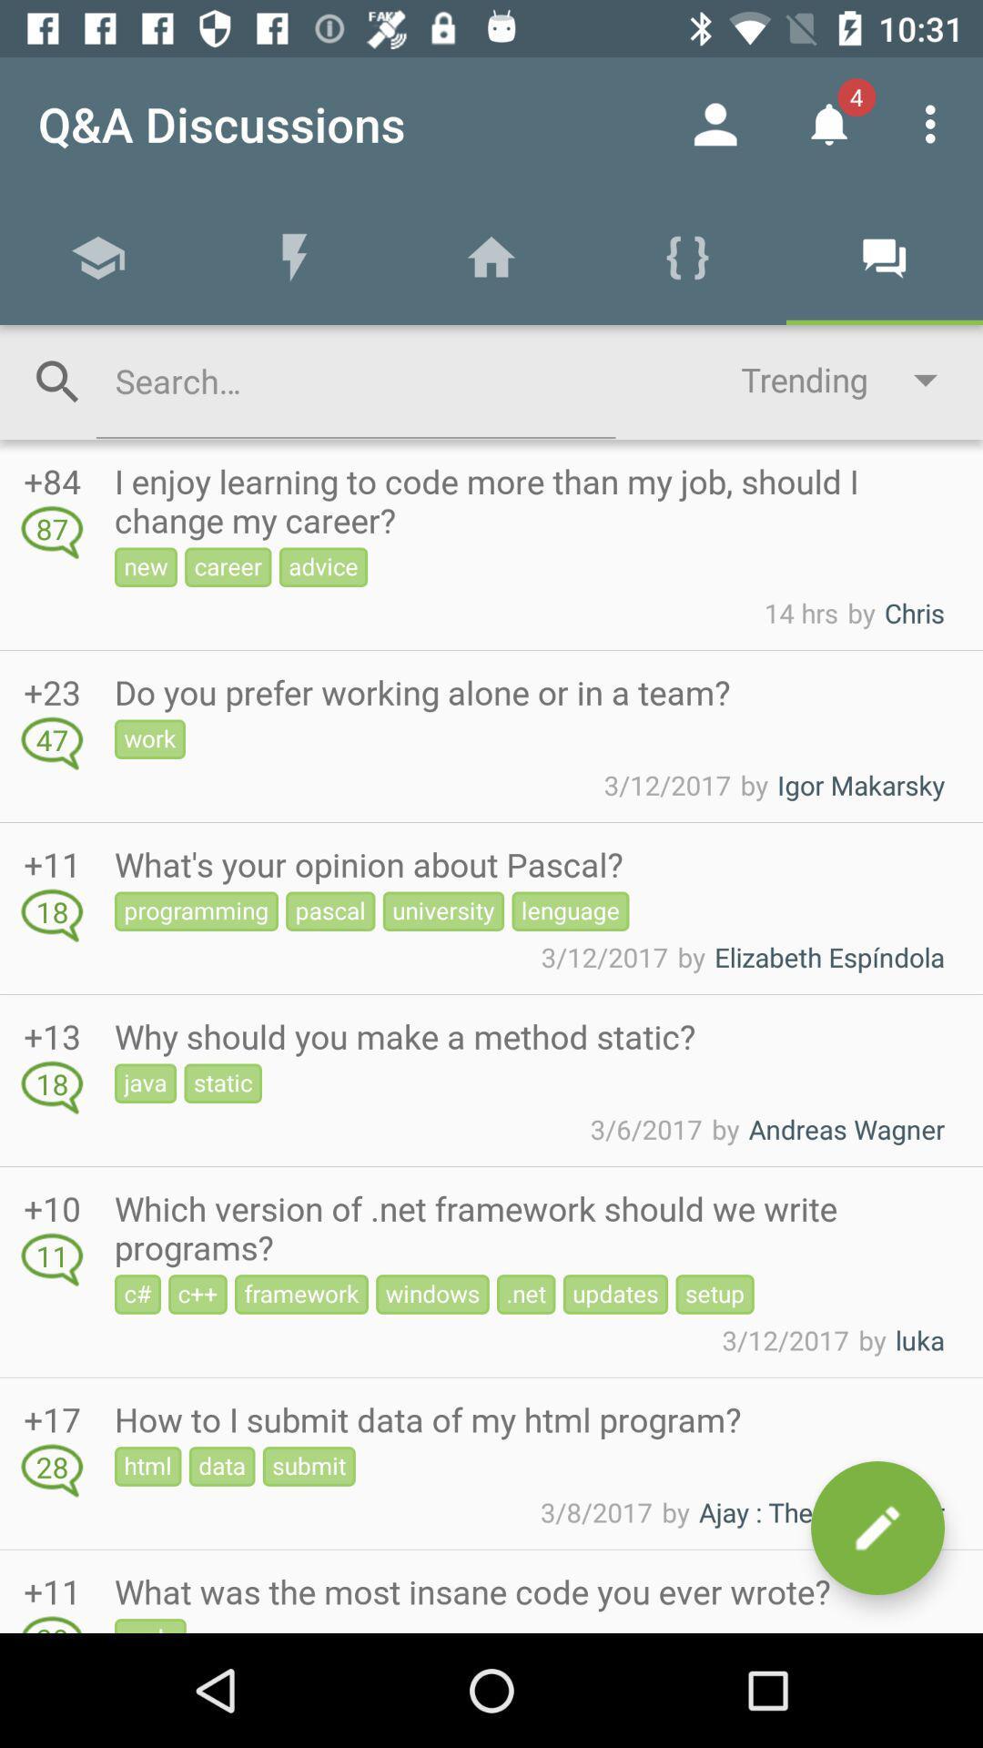 Image resolution: width=983 pixels, height=1748 pixels. What do you see at coordinates (877, 1528) in the screenshot?
I see `edit button` at bounding box center [877, 1528].